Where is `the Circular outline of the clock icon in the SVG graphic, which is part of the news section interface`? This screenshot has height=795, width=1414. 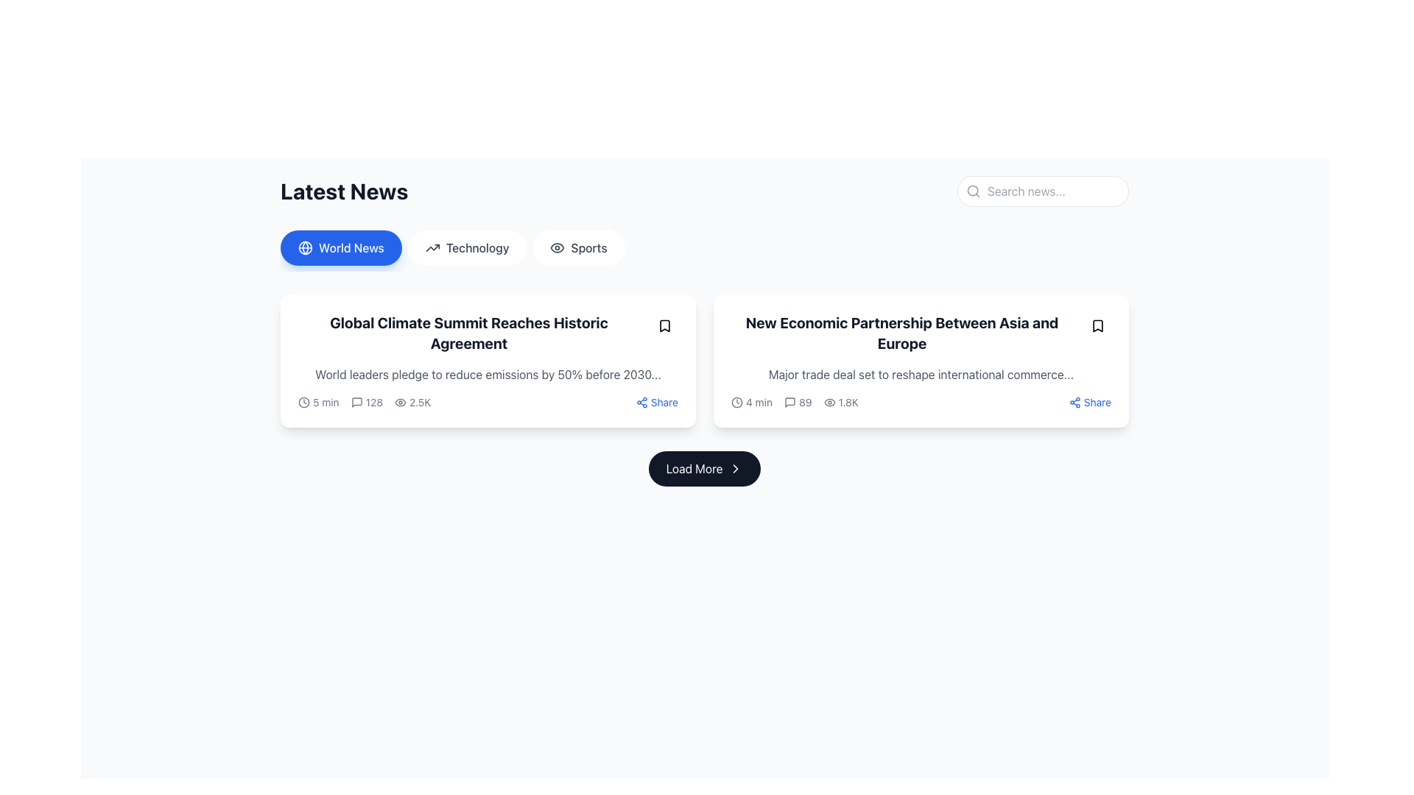 the Circular outline of the clock icon in the SVG graphic, which is part of the news section interface is located at coordinates (303, 403).